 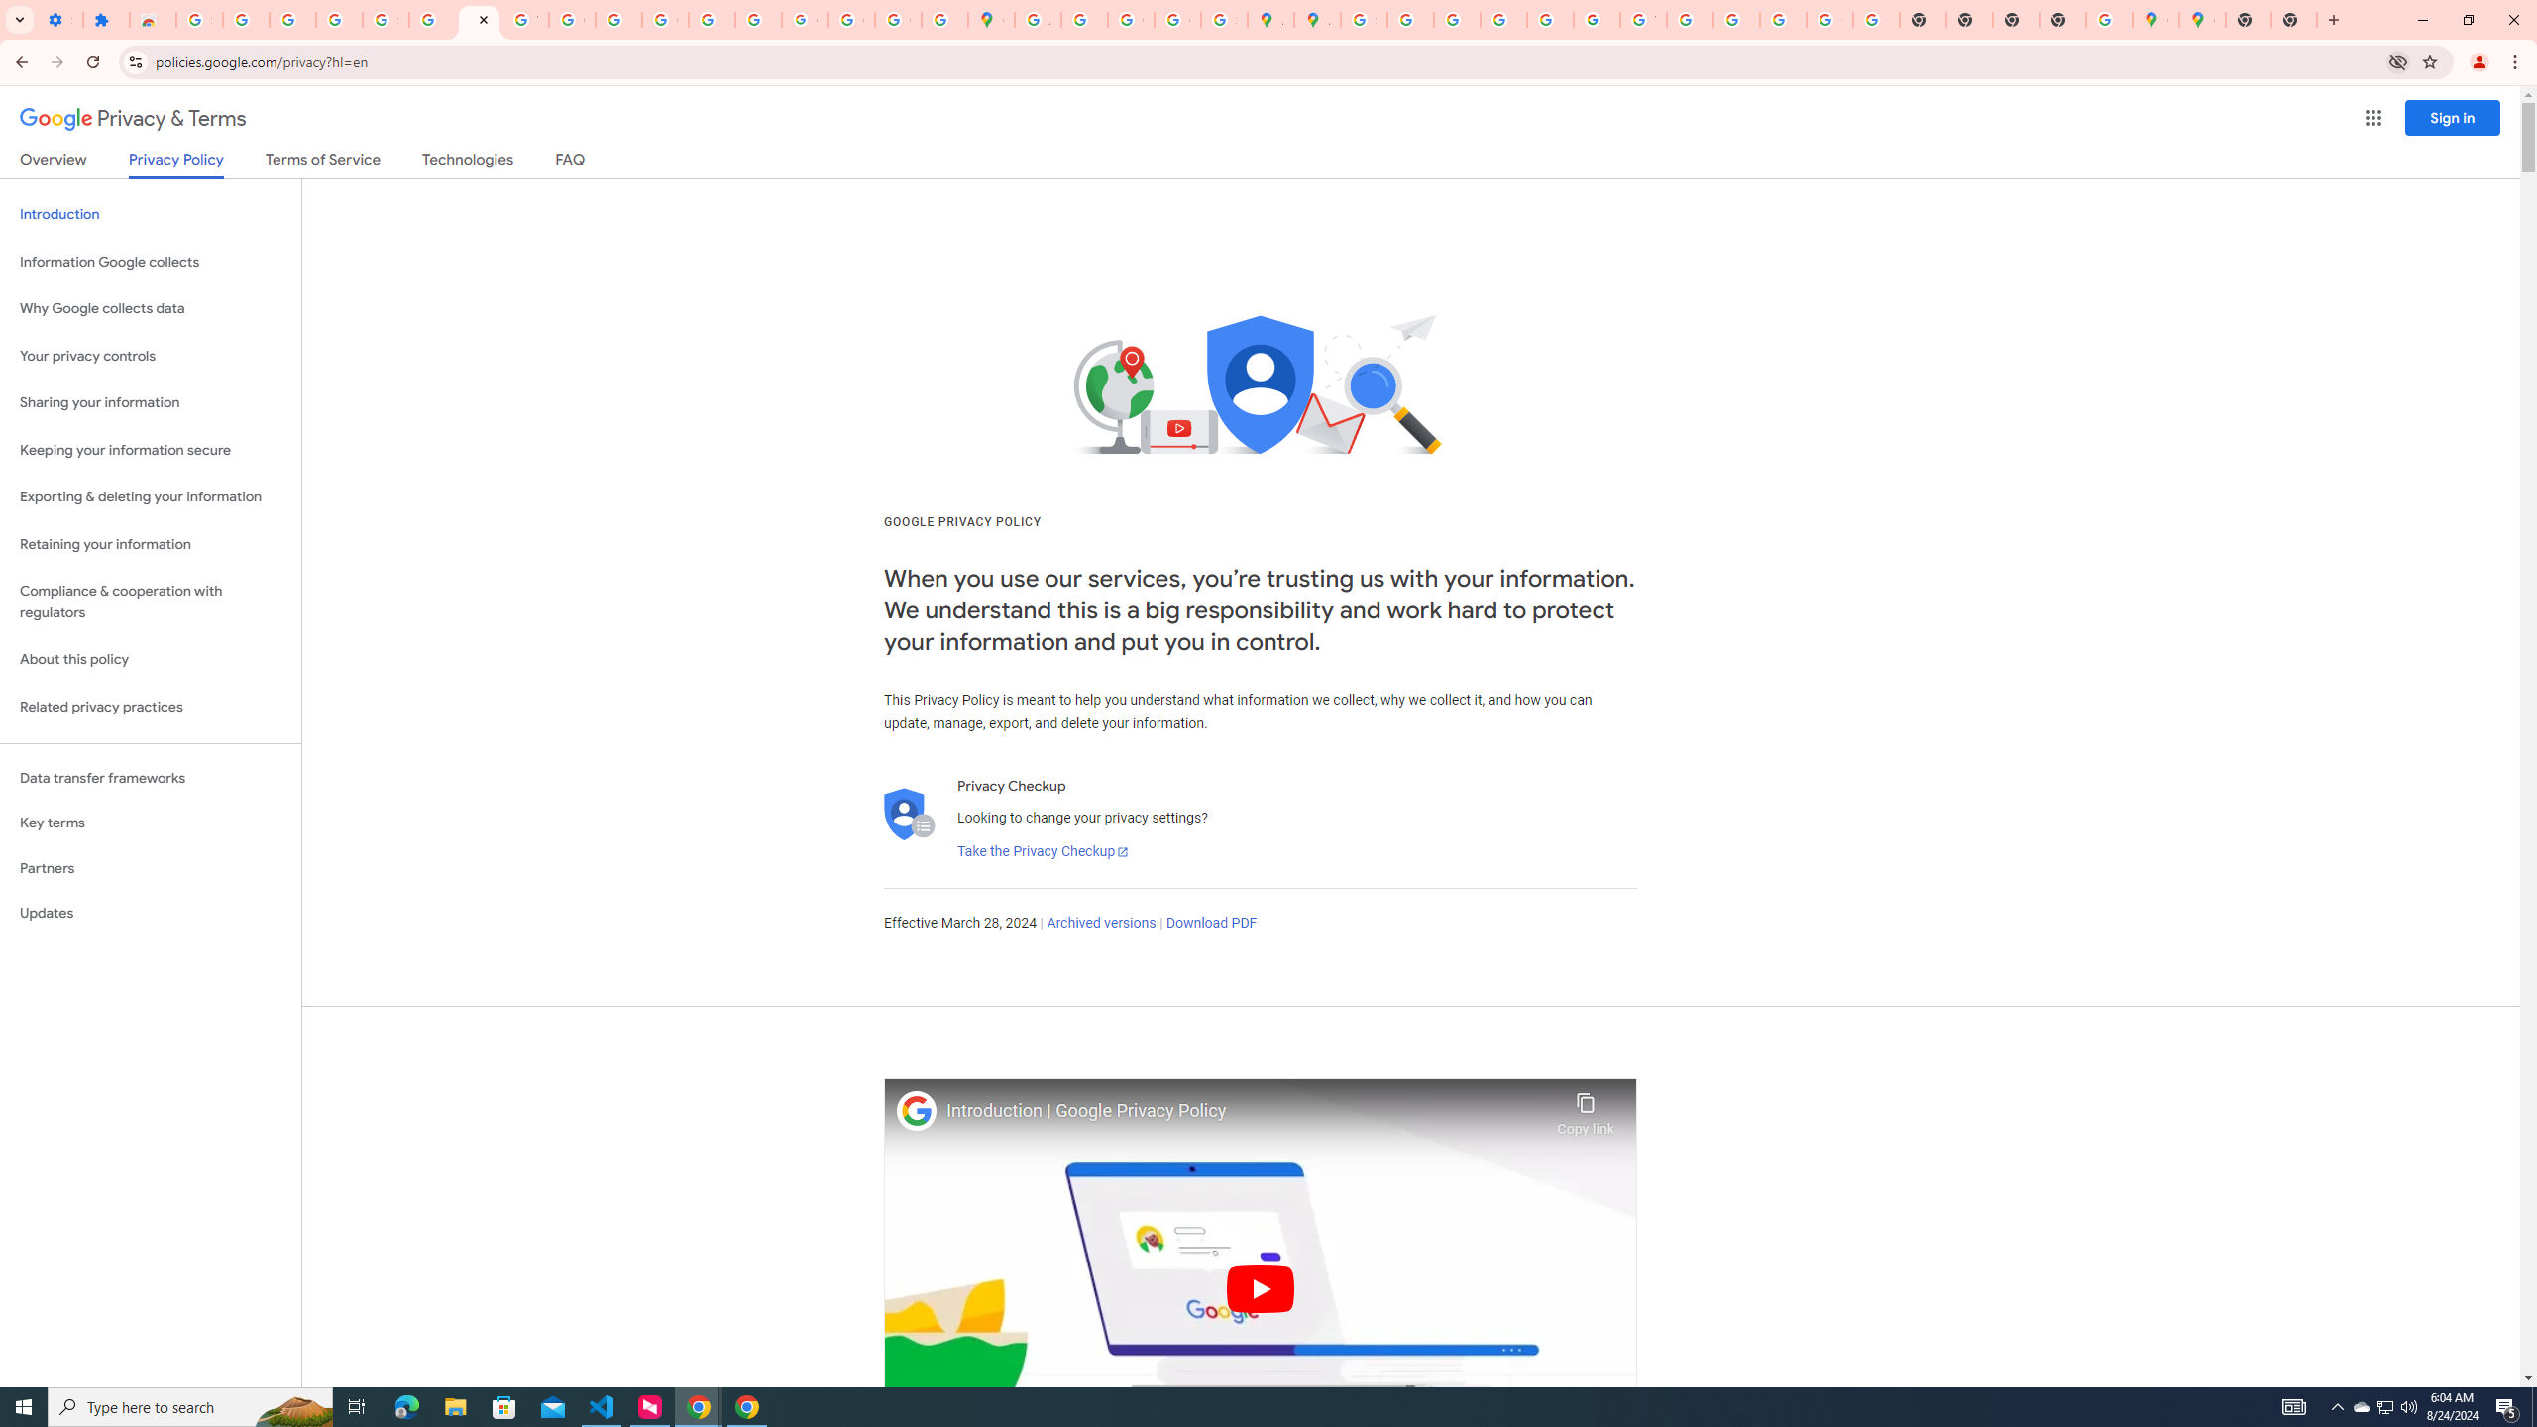 I want to click on 'https://scholar.google.com/', so click(x=617, y=19).